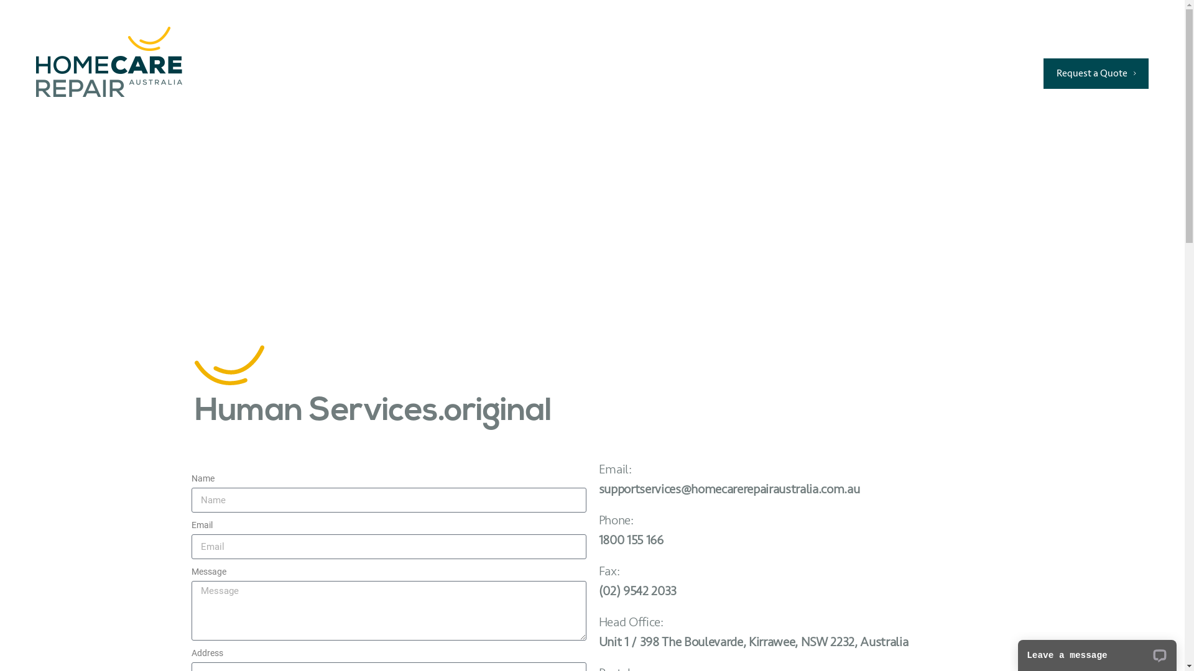 This screenshot has height=671, width=1194. Describe the element at coordinates (501, 73) in the screenshot. I see `'Home'` at that location.